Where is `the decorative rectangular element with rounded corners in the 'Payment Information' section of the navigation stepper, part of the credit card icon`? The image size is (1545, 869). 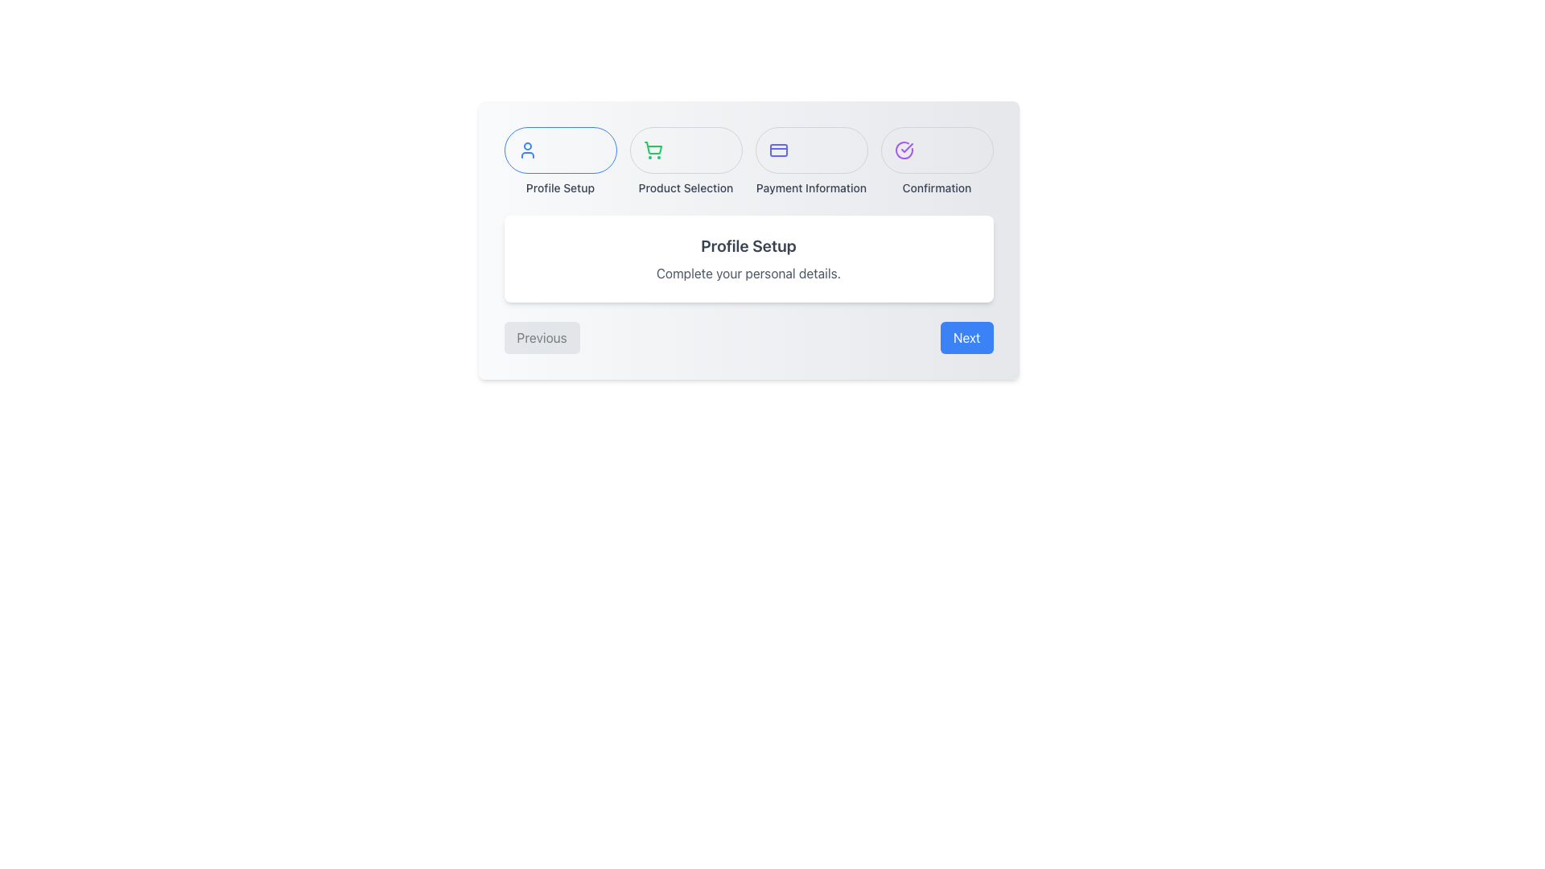 the decorative rectangular element with rounded corners in the 'Payment Information' section of the navigation stepper, part of the credit card icon is located at coordinates (778, 150).